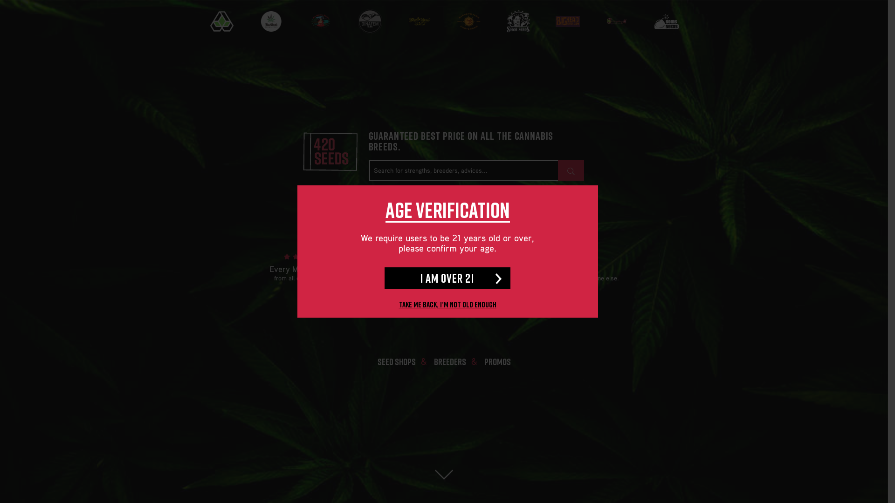 The image size is (895, 503). Describe the element at coordinates (517, 21) in the screenshot. I see `'Sensi Seeds'` at that location.